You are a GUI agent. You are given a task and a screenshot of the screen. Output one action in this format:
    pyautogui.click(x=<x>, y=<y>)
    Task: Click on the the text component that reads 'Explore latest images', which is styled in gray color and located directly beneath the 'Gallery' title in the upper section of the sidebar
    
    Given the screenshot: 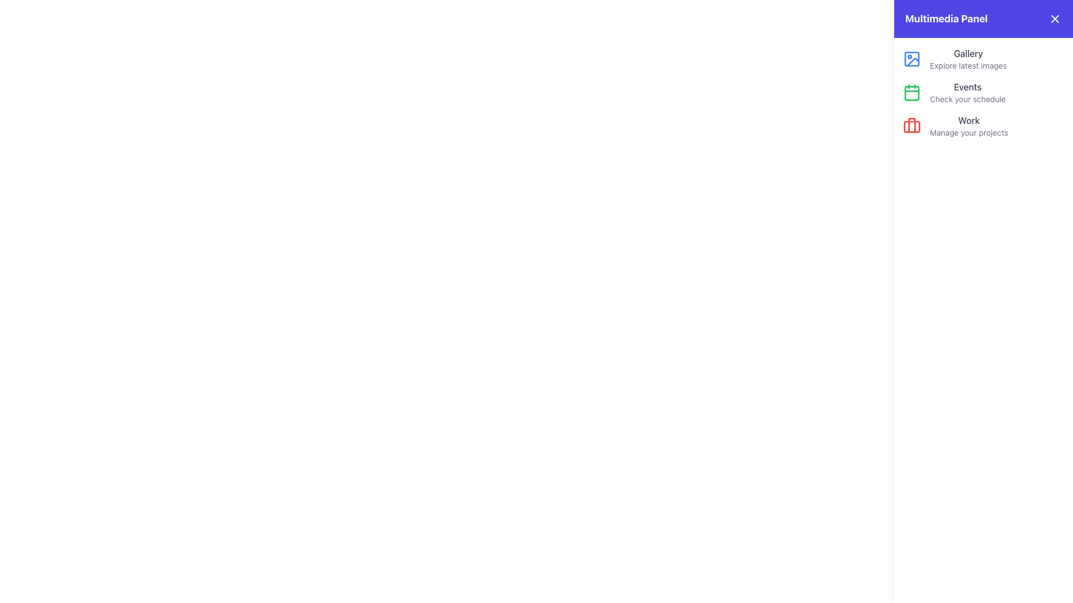 What is the action you would take?
    pyautogui.click(x=967, y=66)
    